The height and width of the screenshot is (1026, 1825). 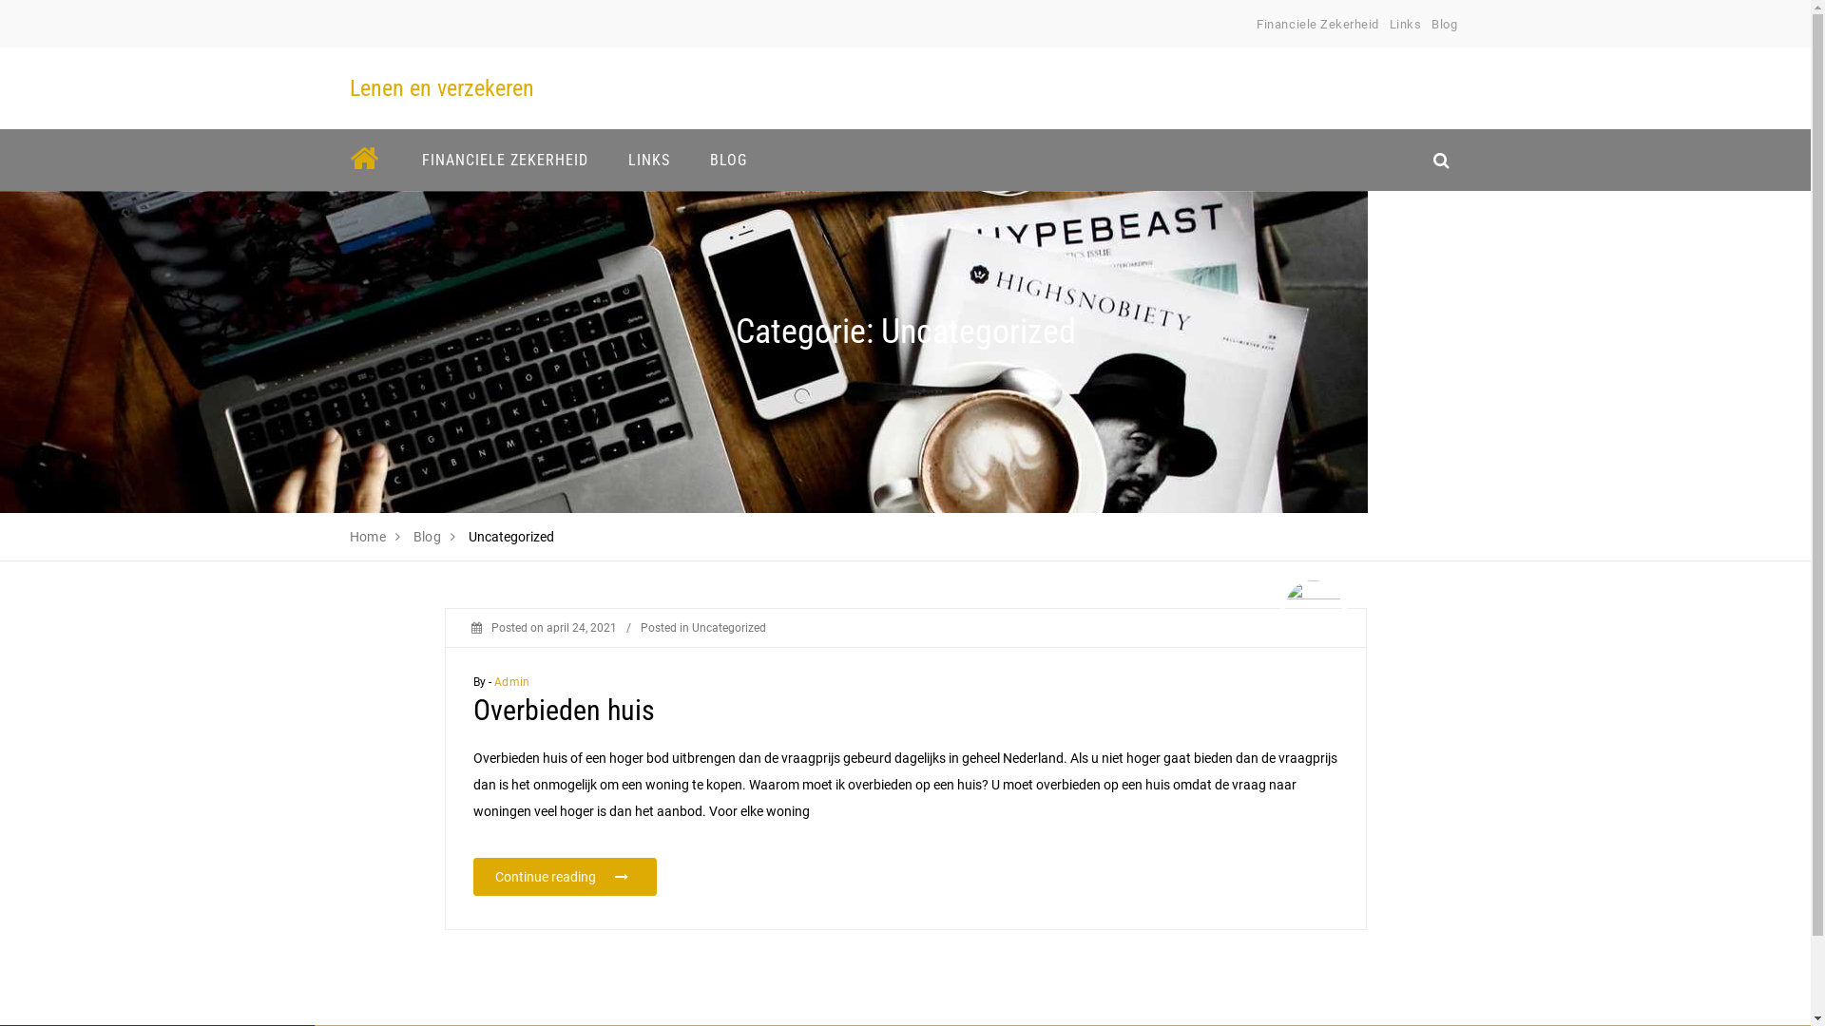 What do you see at coordinates (1405, 24) in the screenshot?
I see `'Links'` at bounding box center [1405, 24].